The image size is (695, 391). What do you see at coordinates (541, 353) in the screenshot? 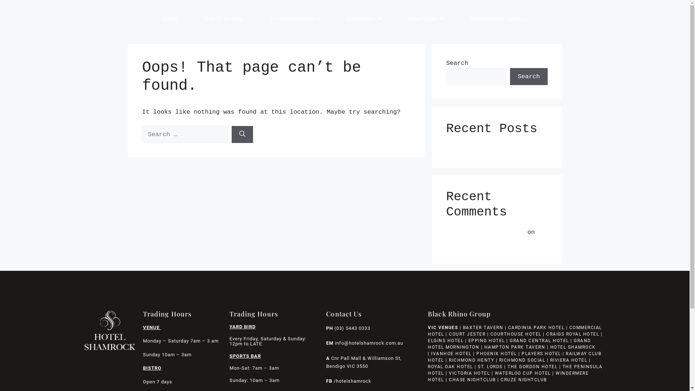
I see `'PLAYERS HOTEL'` at bounding box center [541, 353].